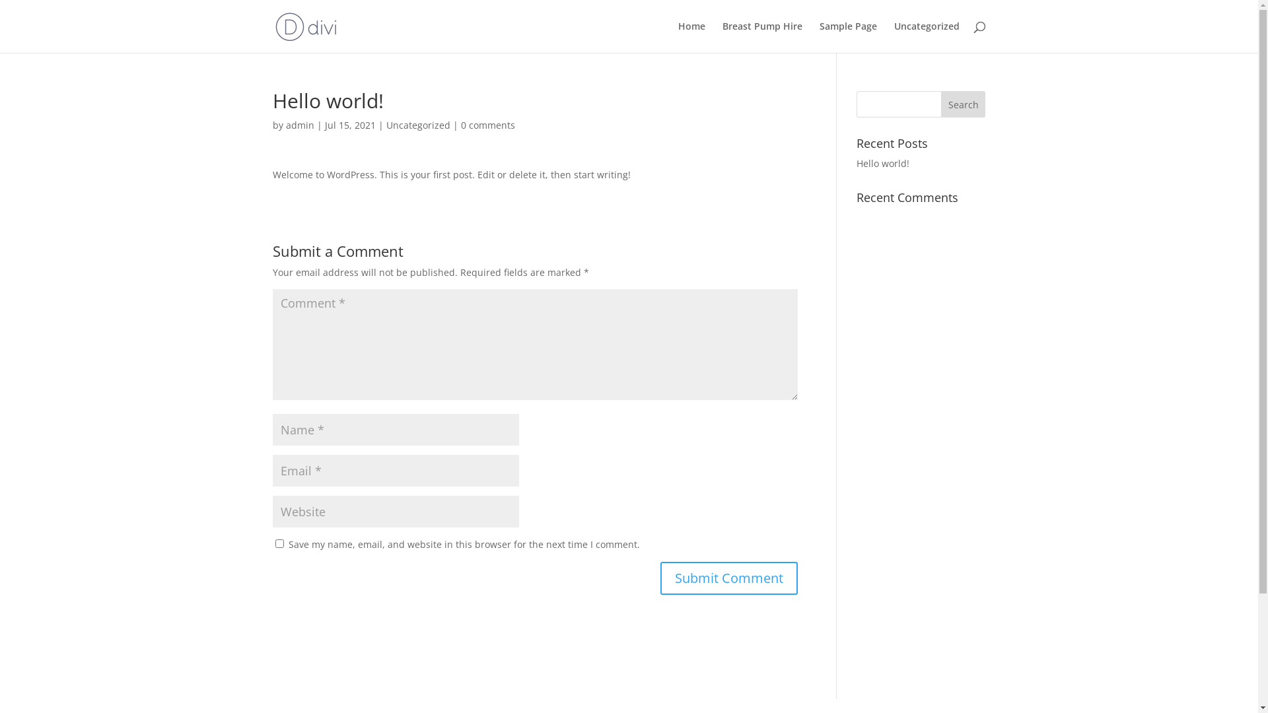  I want to click on 'Breast Pump Hire', so click(762, 36).